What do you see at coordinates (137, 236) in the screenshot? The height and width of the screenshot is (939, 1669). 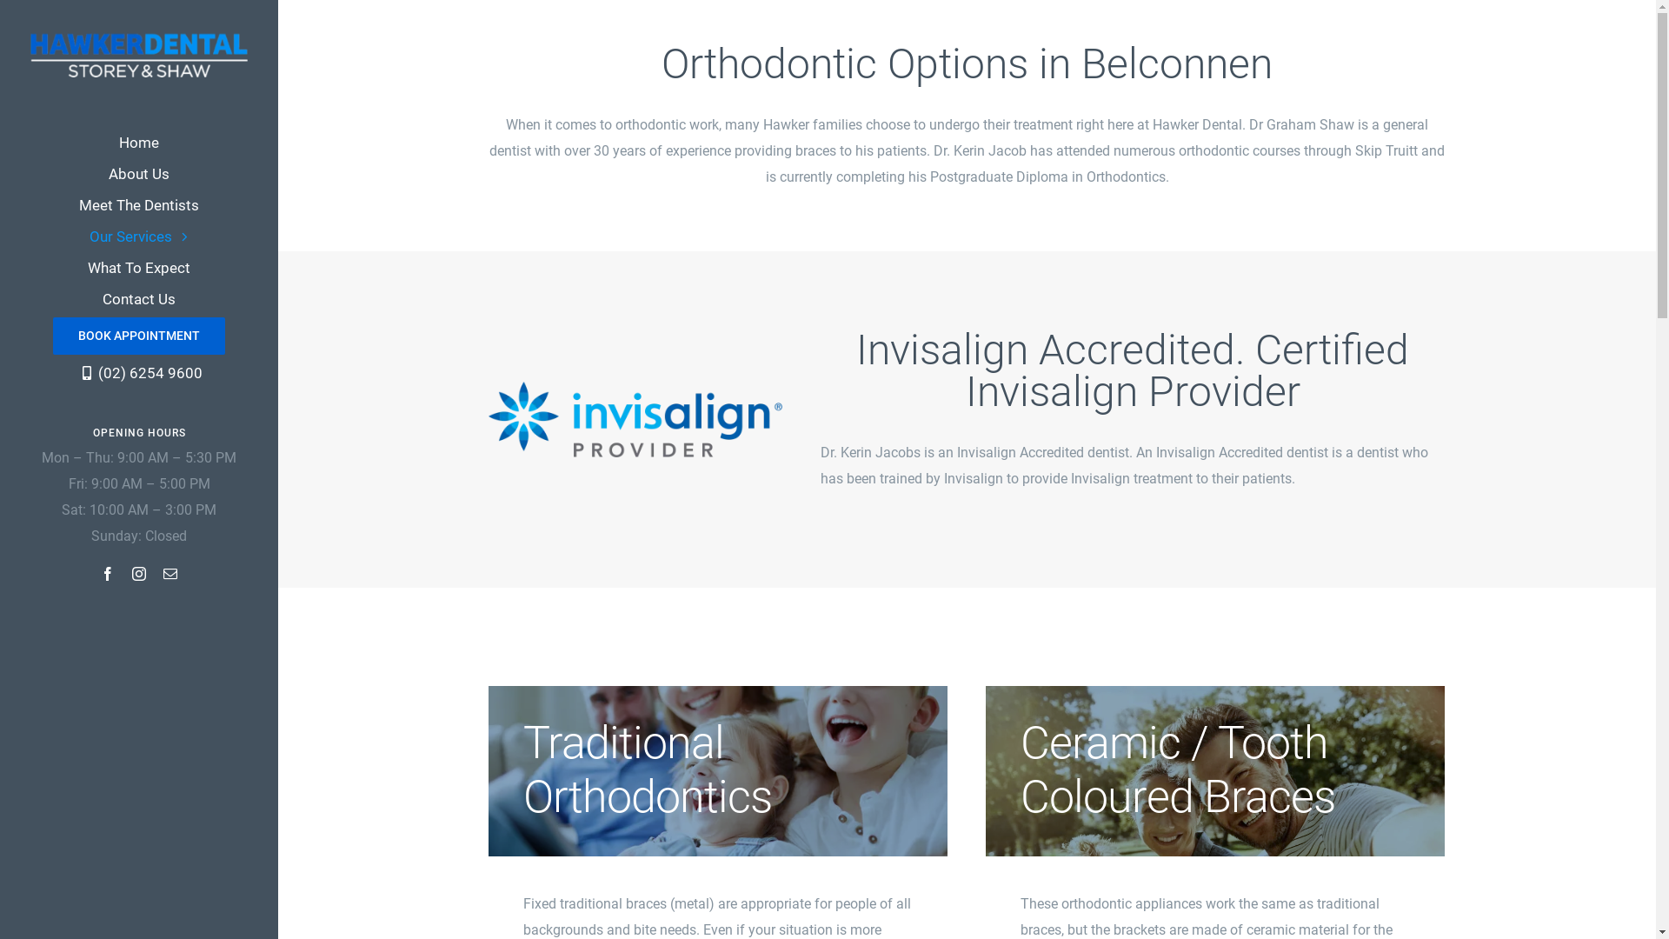 I see `'Our Services'` at bounding box center [137, 236].